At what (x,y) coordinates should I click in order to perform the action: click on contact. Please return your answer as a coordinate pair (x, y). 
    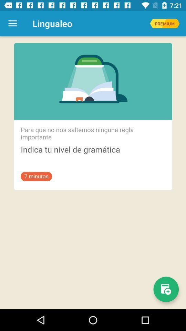
    Looking at the image, I should click on (166, 289).